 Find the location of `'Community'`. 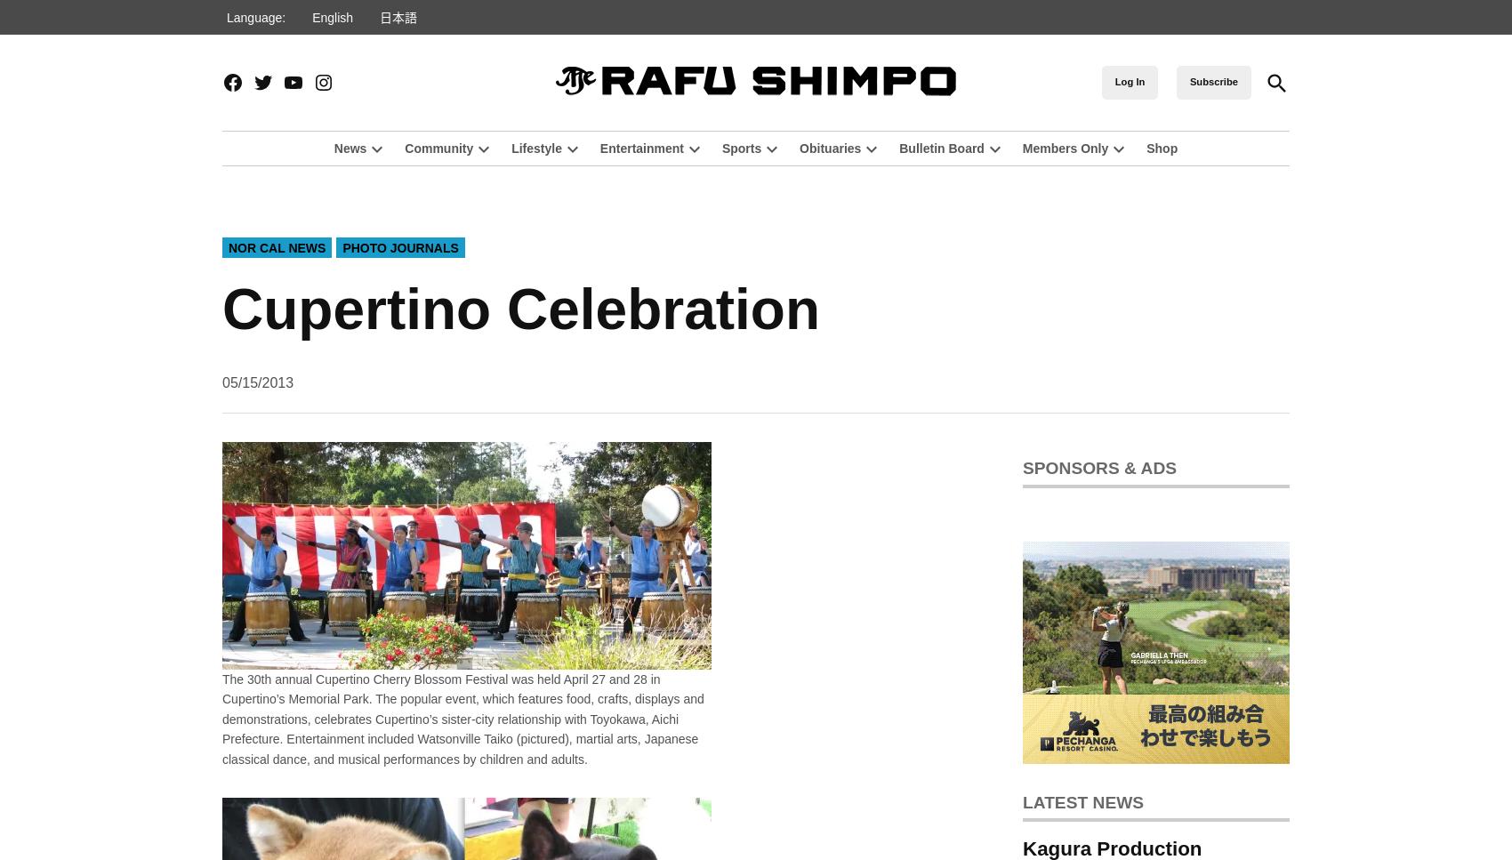

'Community' is located at coordinates (438, 148).